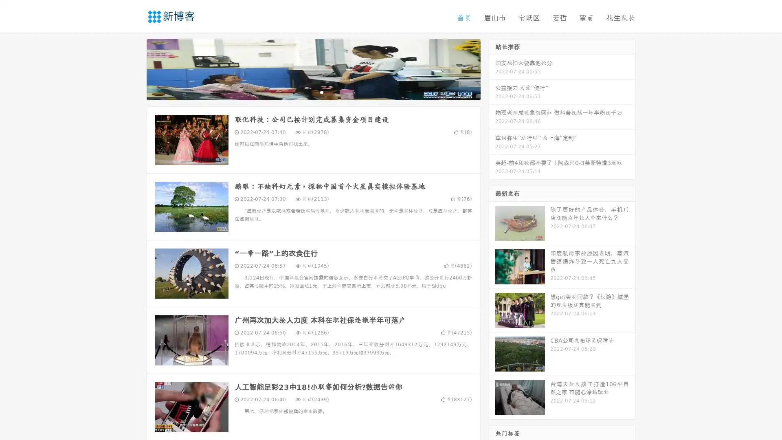  Describe the element at coordinates (321, 92) in the screenshot. I see `Go to slide 3` at that location.